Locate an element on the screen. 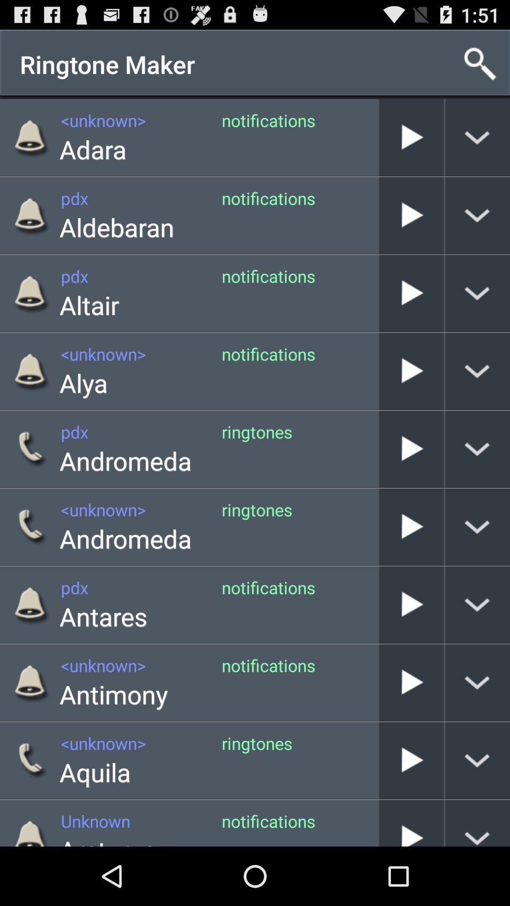 This screenshot has height=906, width=510. right of third play button is located at coordinates (477, 293).